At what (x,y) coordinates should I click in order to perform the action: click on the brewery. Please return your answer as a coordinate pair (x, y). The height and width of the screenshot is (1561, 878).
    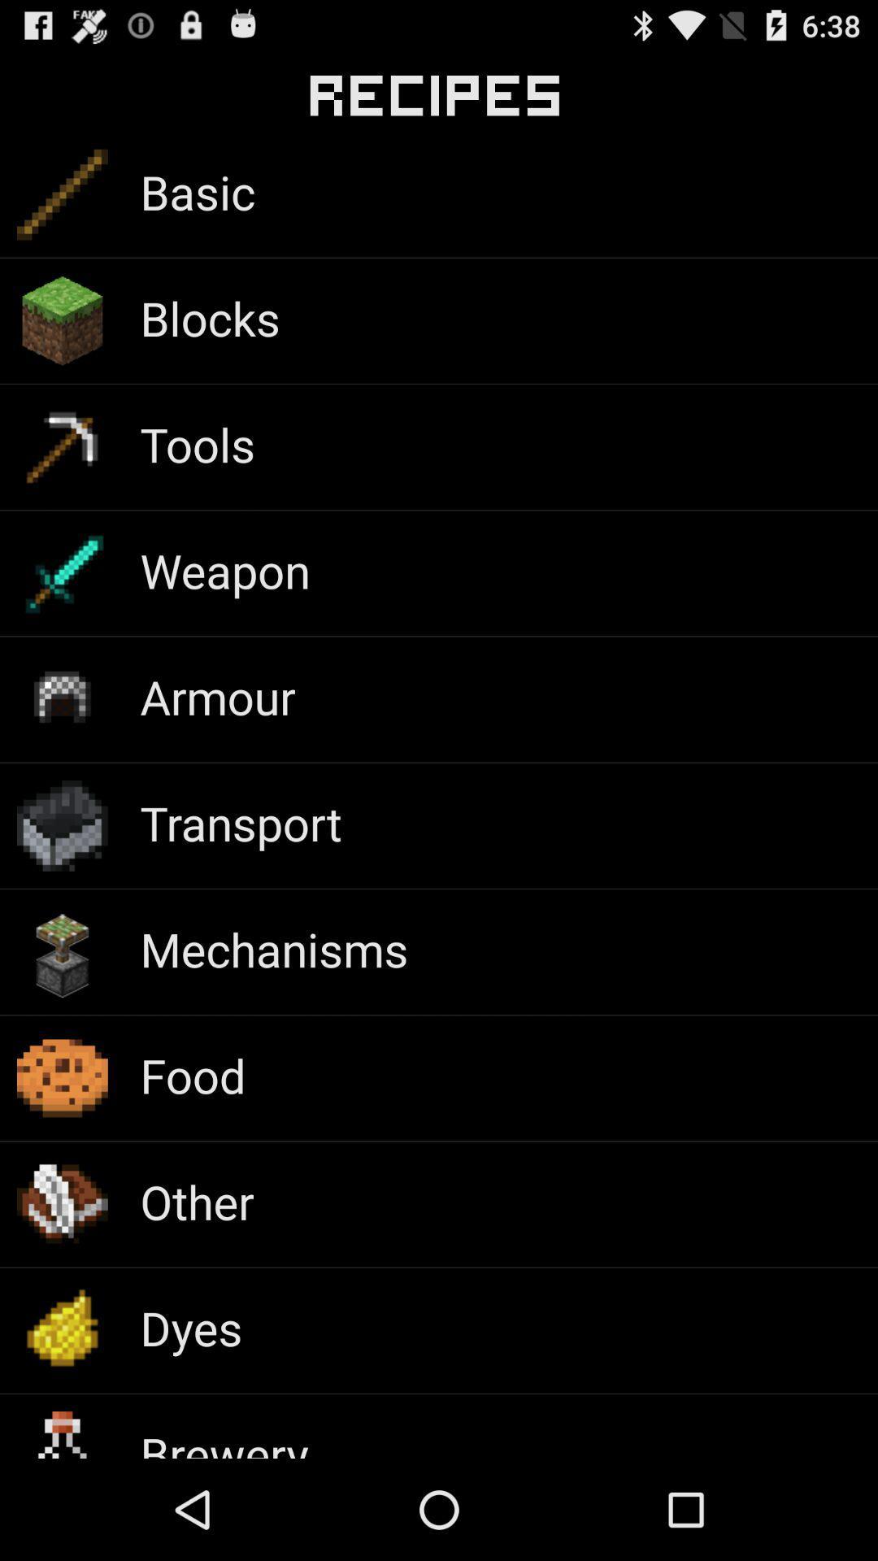
    Looking at the image, I should click on (224, 1440).